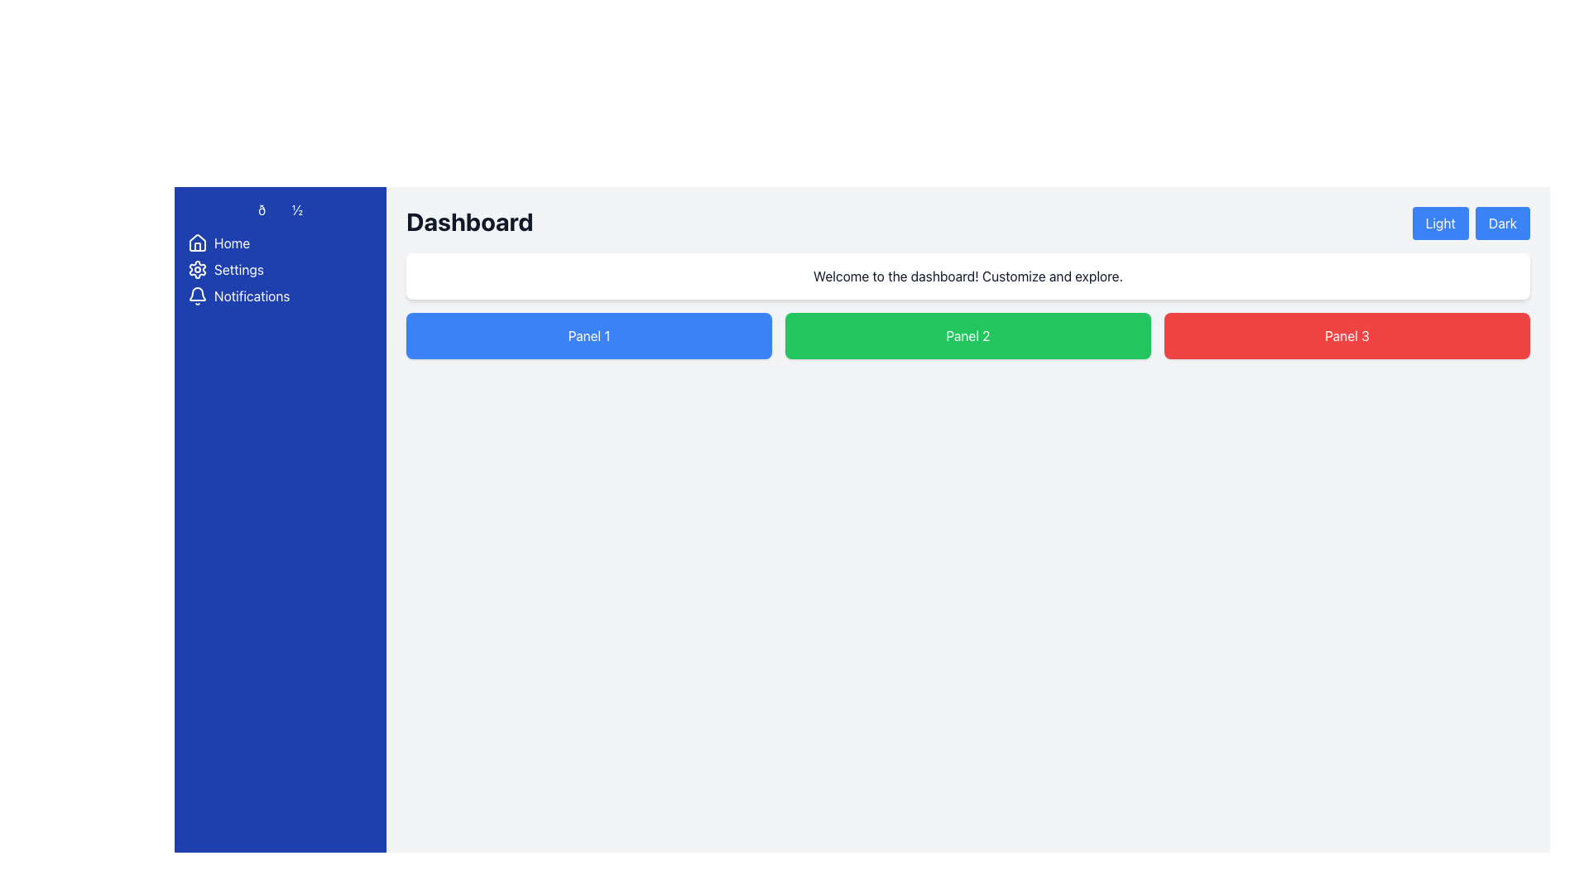 This screenshot has height=894, width=1589. I want to click on the third panel in the grid layout, positioned at the far-right, to interact with it, so click(1347, 335).